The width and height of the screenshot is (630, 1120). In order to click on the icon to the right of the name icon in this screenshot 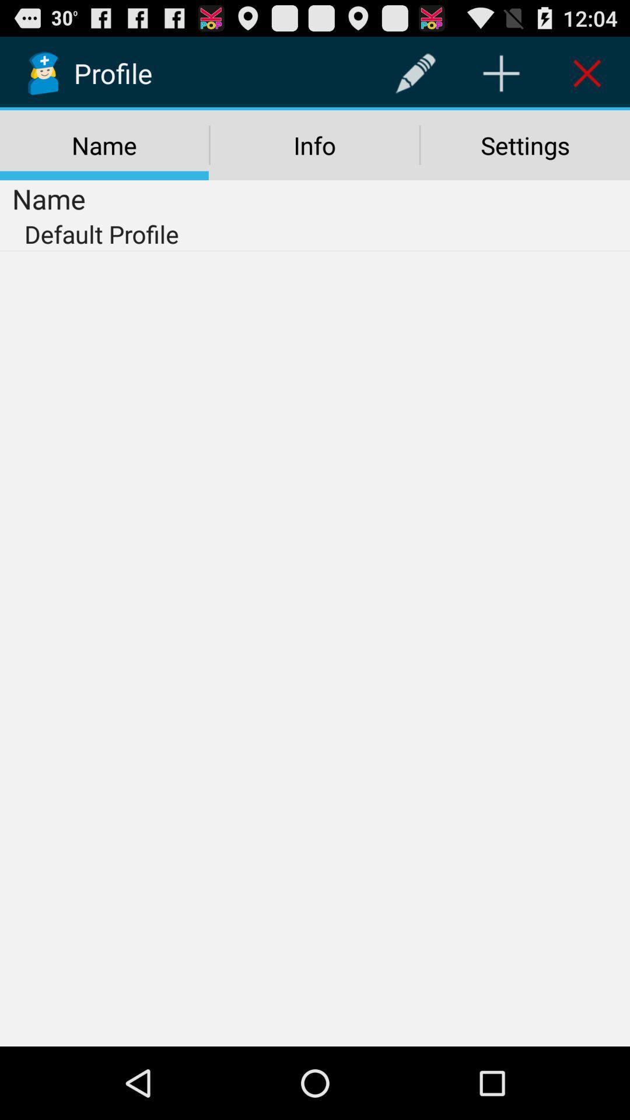, I will do `click(314, 145)`.